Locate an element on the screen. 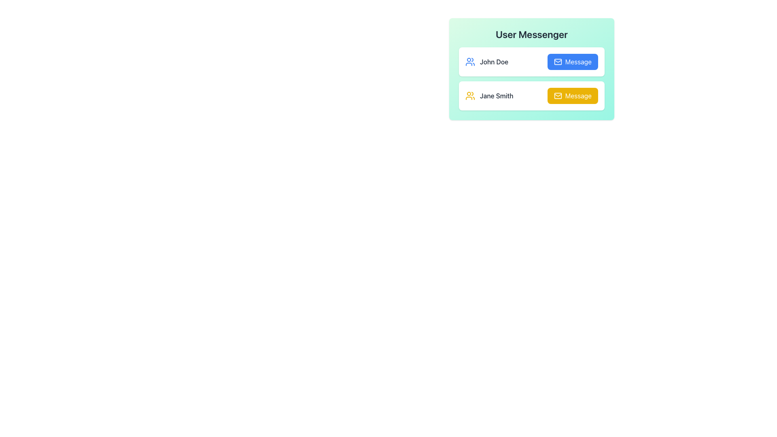 This screenshot has height=437, width=777. the mail icon with a blue background and a white envelope illustration, located inside the 'Message' button associated with 'John Doe' in the upper profile block of the messenger panel is located at coordinates (557, 62).